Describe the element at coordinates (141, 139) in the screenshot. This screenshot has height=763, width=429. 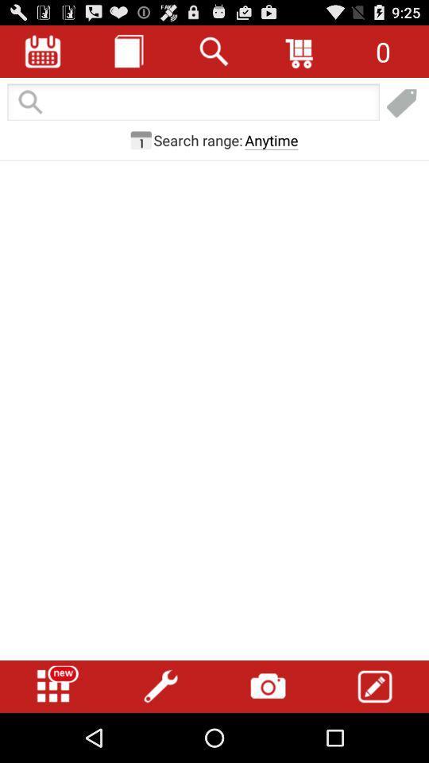
I see `icon next to search range: icon` at that location.